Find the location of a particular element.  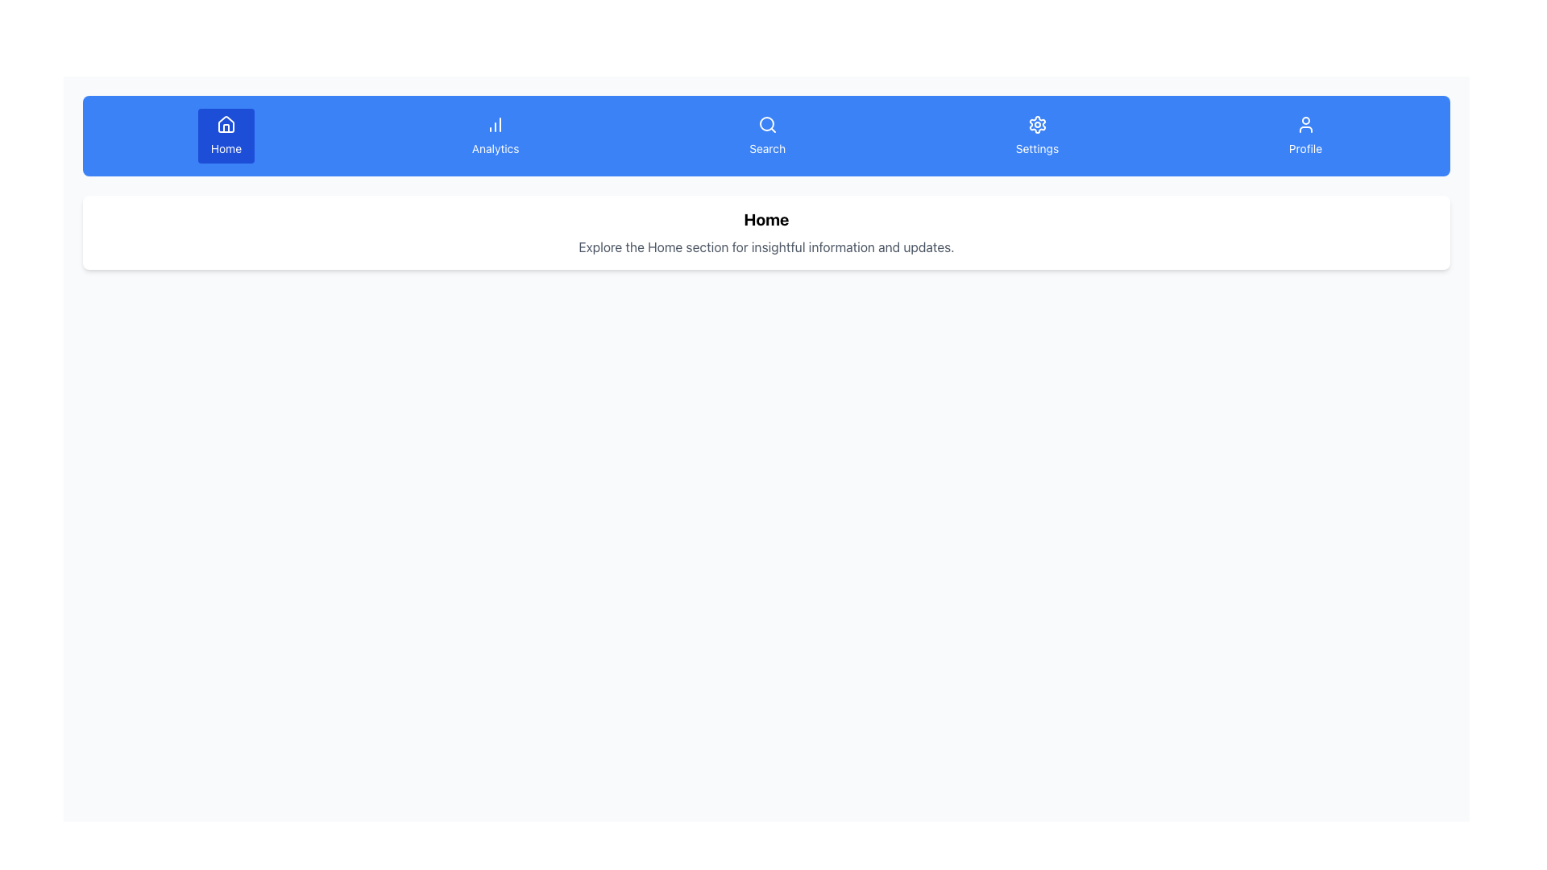

the user profile icon, which is a white silhouette of a person on a circular blue background located in the top-right corner of the navigation bar, preceding the 'Profile' label is located at coordinates (1305, 123).